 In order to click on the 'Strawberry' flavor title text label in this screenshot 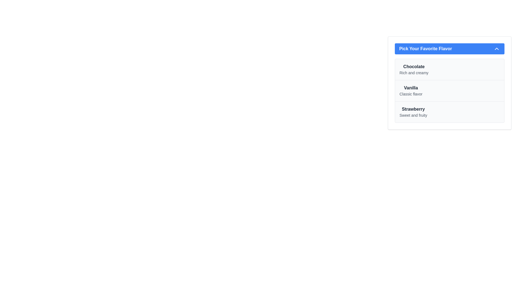, I will do `click(413, 109)`.